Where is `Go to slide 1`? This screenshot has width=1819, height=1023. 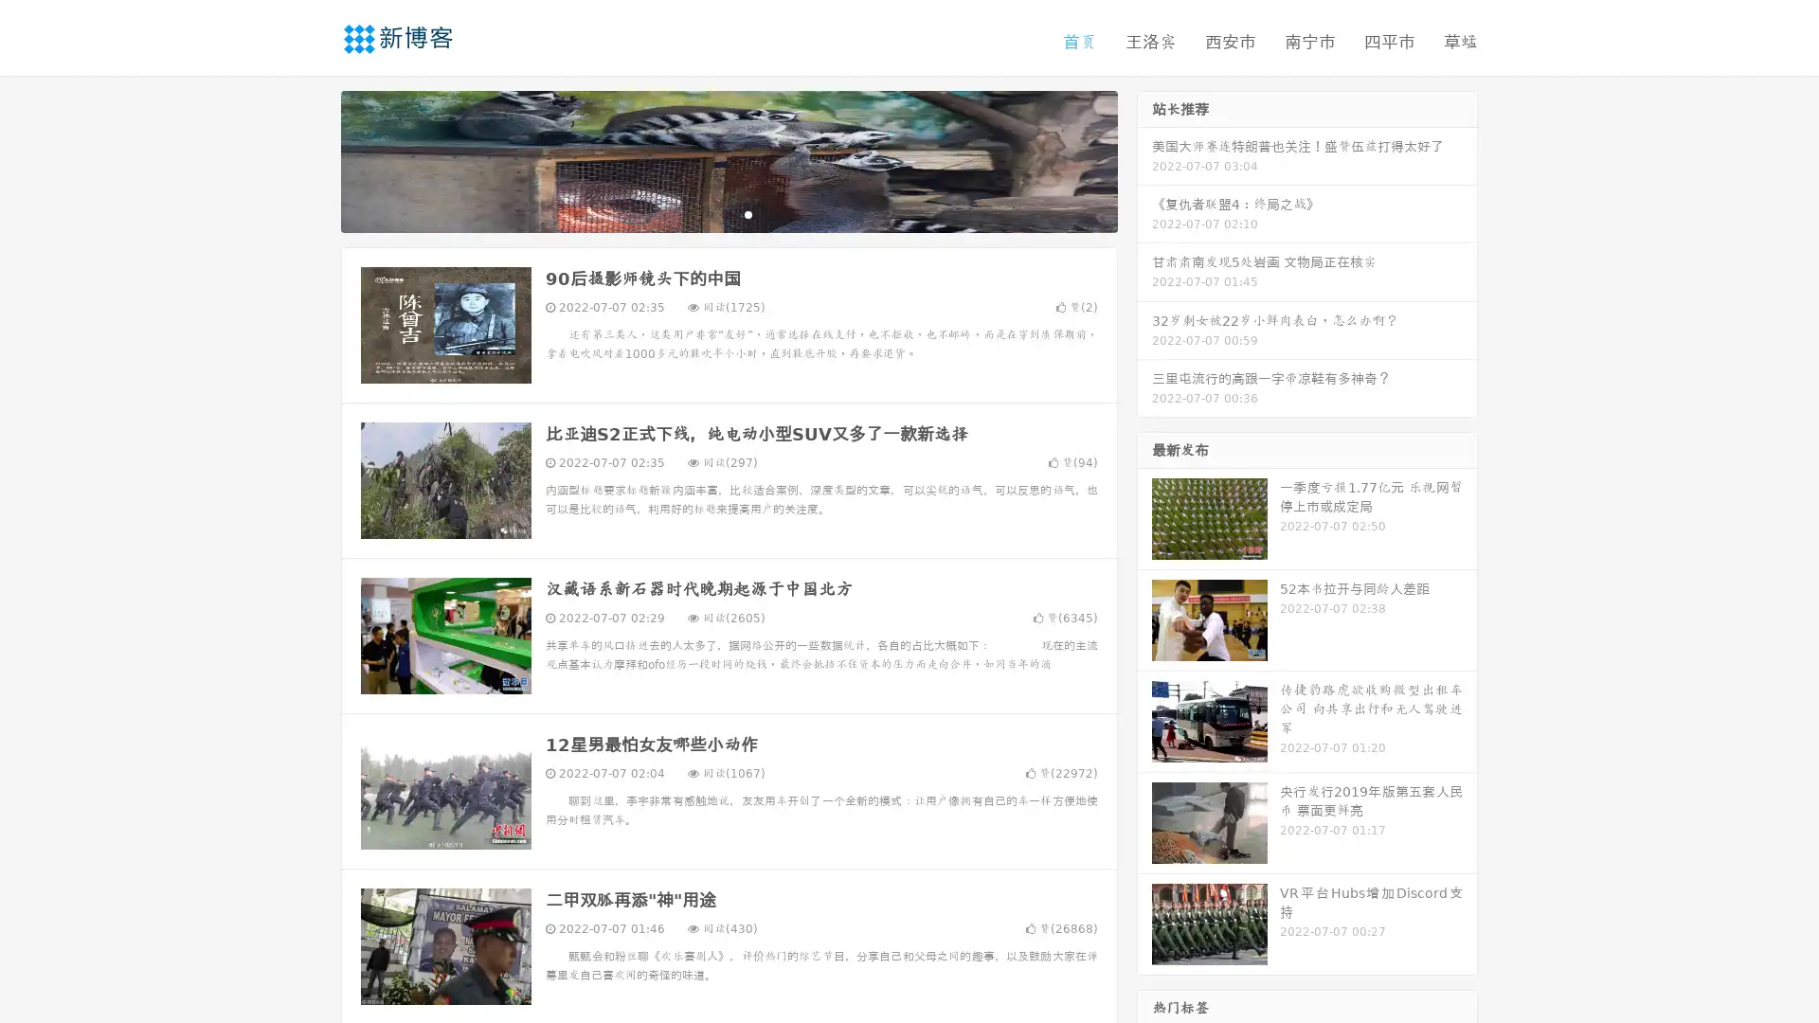 Go to slide 1 is located at coordinates (709, 213).